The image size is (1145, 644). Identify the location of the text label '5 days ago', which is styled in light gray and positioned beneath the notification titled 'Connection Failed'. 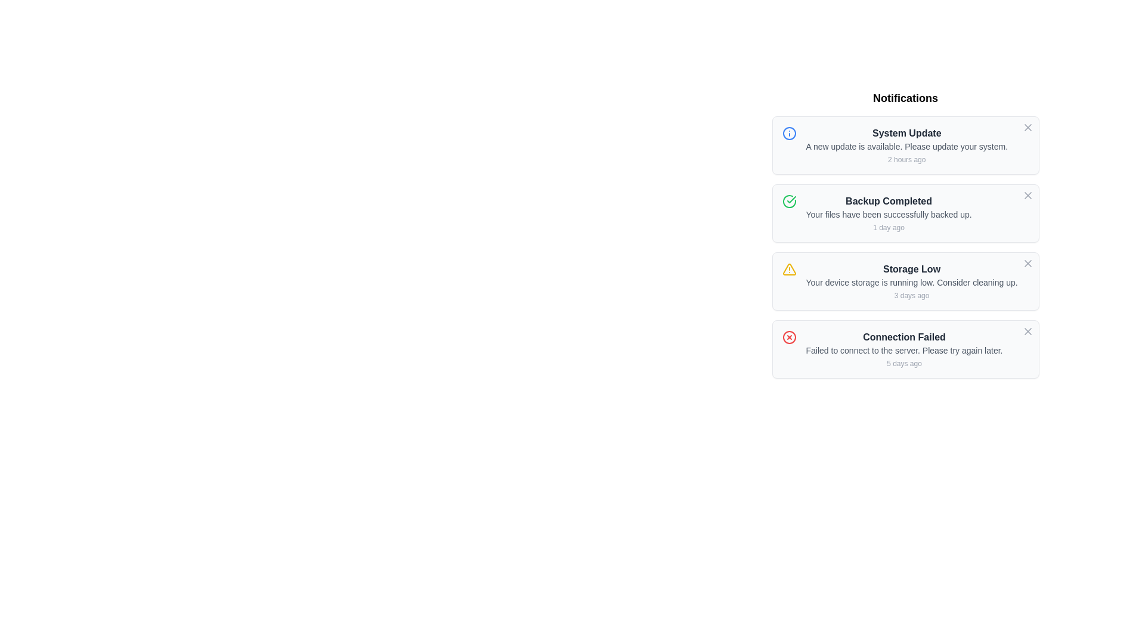
(904, 363).